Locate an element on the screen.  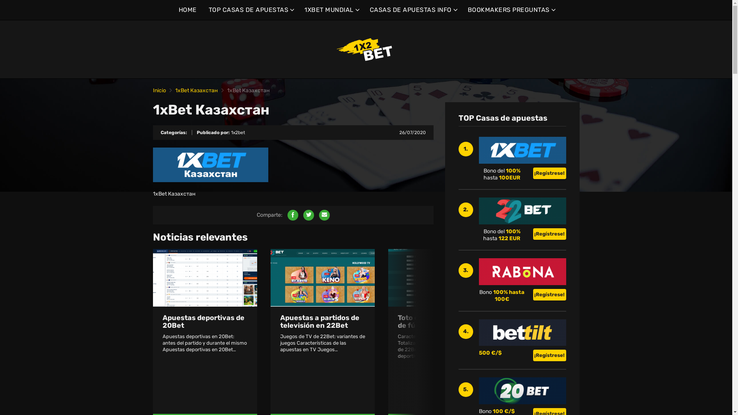
'Share on Twitter' is located at coordinates (308, 215).